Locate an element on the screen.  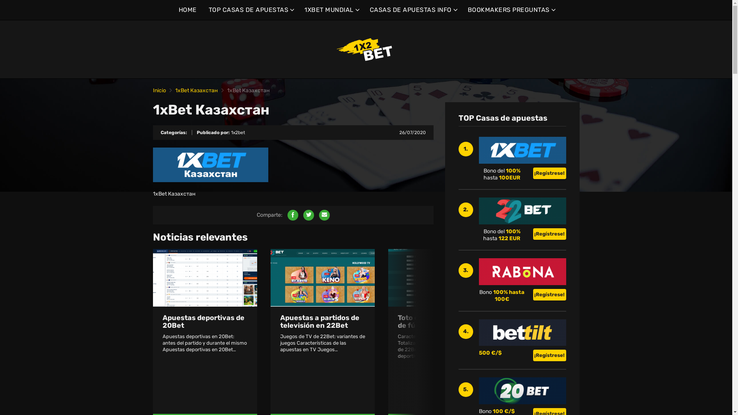
'Share on Twitter' is located at coordinates (308, 215).